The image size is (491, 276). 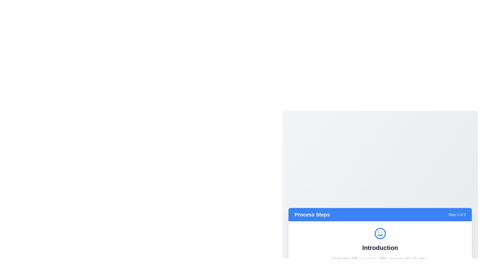 I want to click on text of the text label that serves as the title or header for the process section, positioned on the left side of the blue bar at the top of the card-like section, so click(x=312, y=214).